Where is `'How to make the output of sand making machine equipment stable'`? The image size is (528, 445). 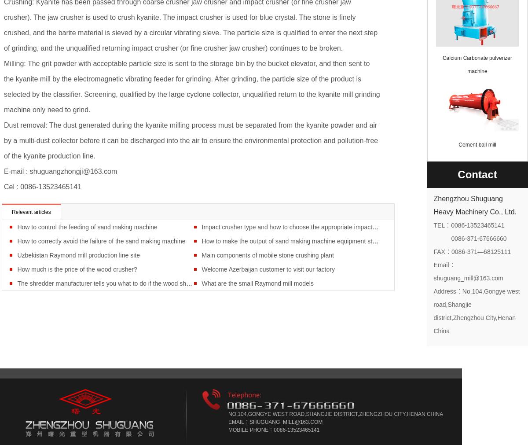
'How to make the output of sand making machine equipment stable' is located at coordinates (293, 240).